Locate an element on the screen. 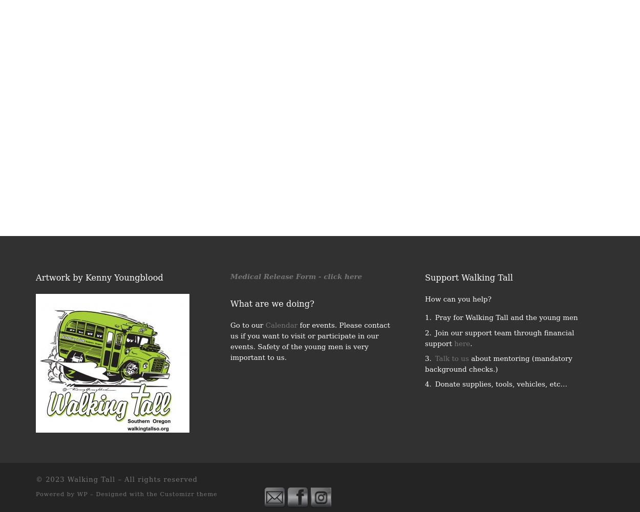  '.' is located at coordinates (471, 343).